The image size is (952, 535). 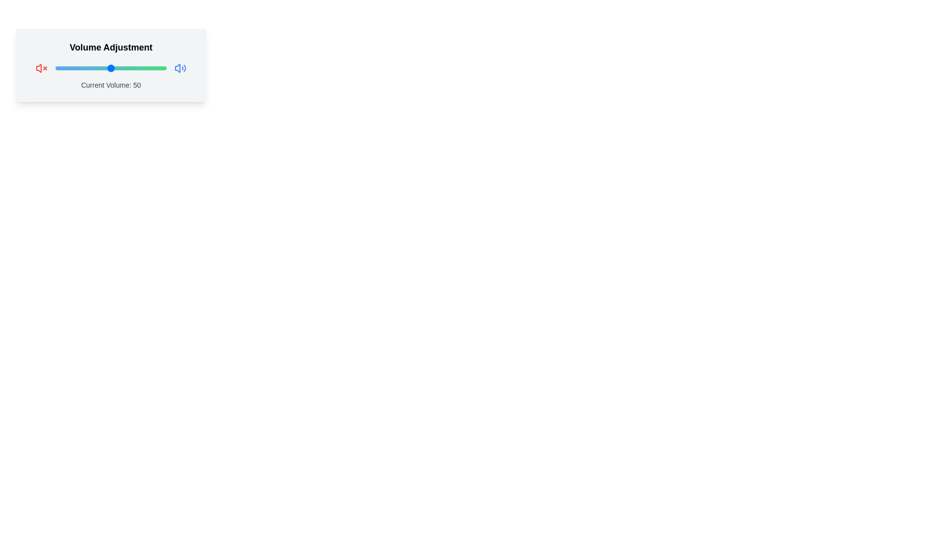 I want to click on the slider to observe hover effects, so click(x=111, y=68).